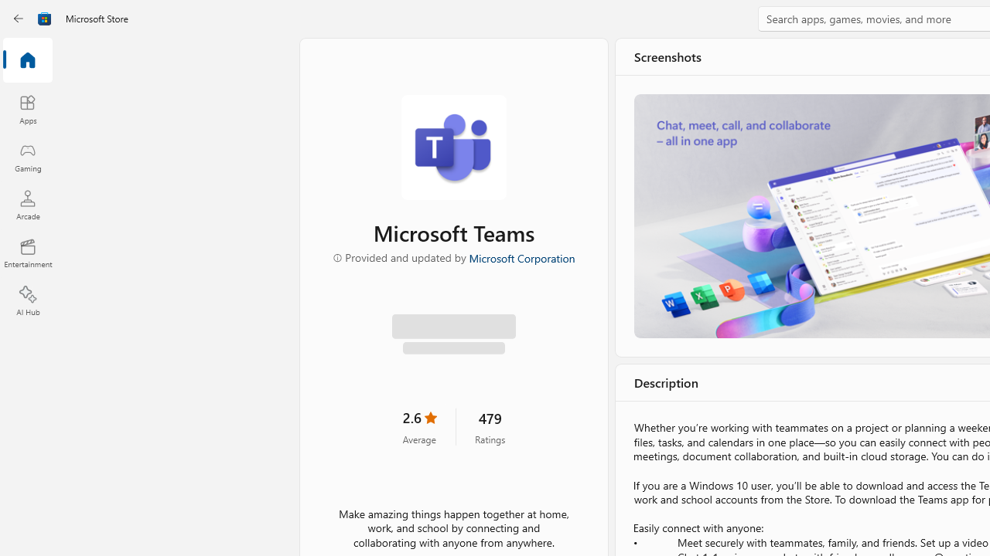  What do you see at coordinates (45, 19) in the screenshot?
I see `'Class: Image'` at bounding box center [45, 19].